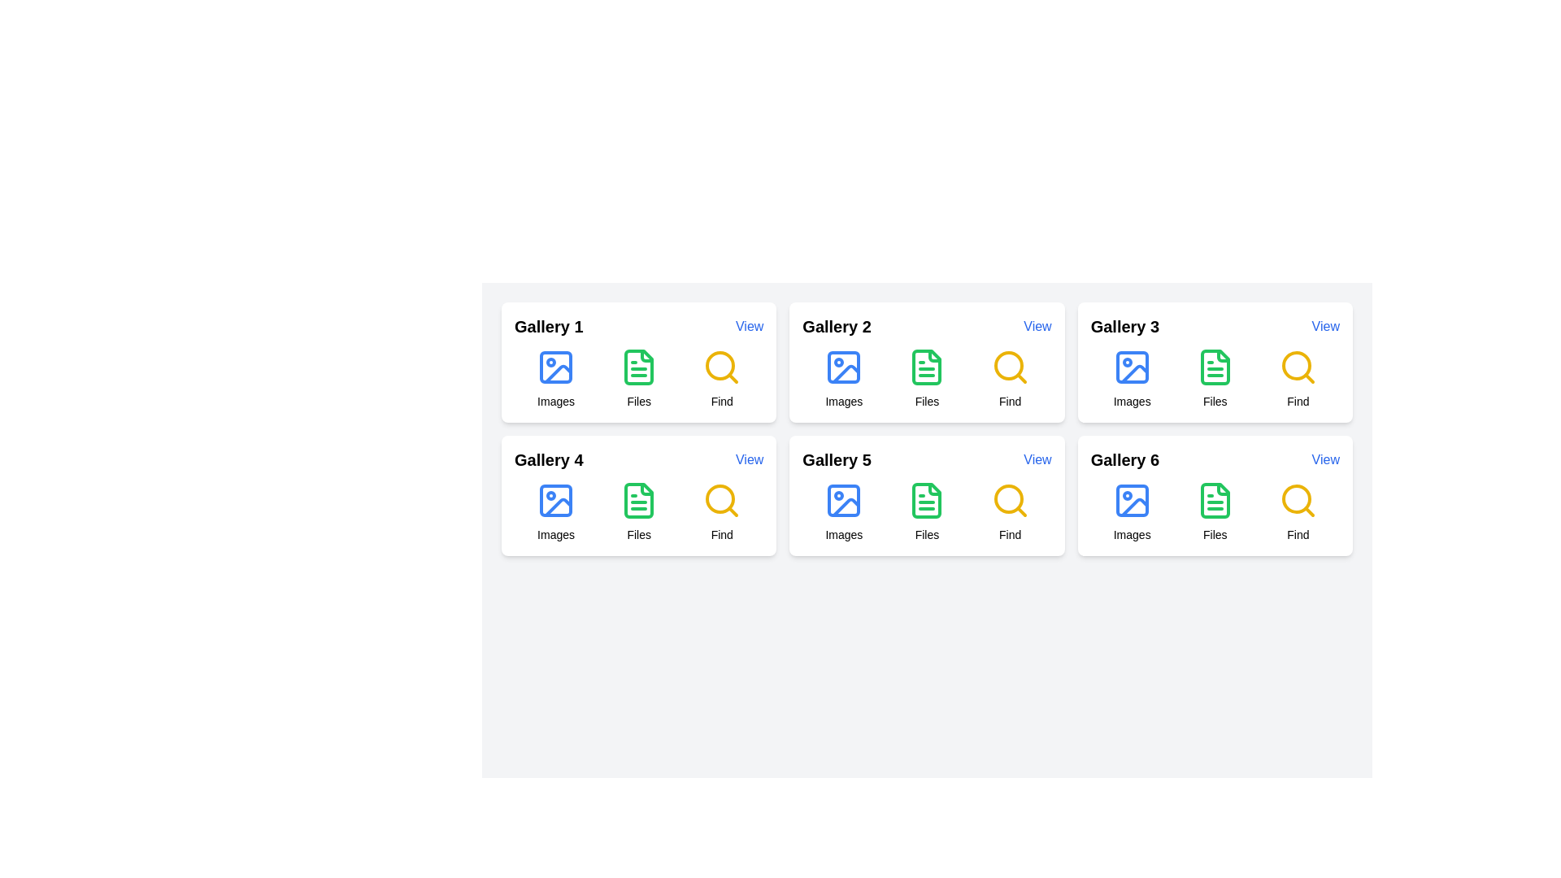 The height and width of the screenshot is (878, 1561). Describe the element at coordinates (837, 326) in the screenshot. I see `the static text label that identifies a specific content group or section in the interface, located in the top row, second column of the grid layout` at that location.